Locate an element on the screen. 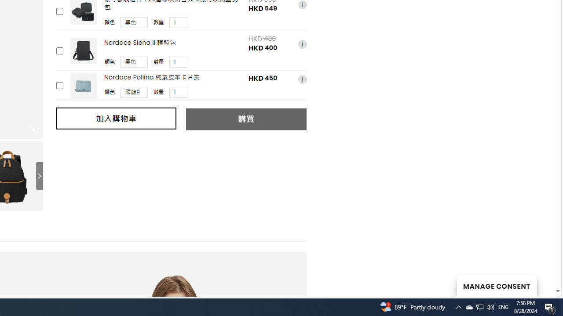  'Class: iconic-woothumbs-fullscreen' is located at coordinates (33, 130).